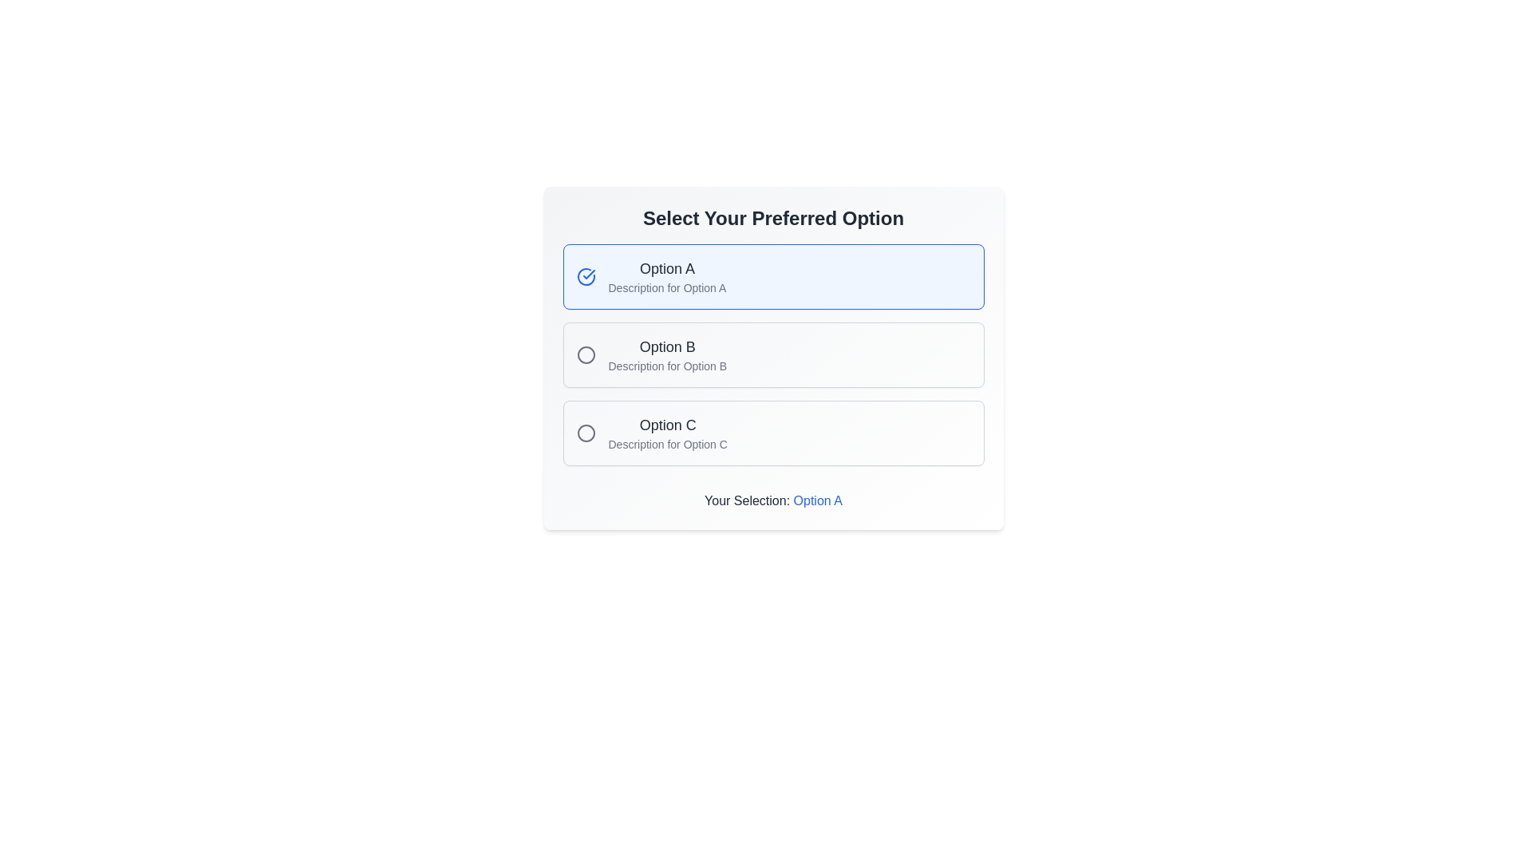 The width and height of the screenshot is (1532, 862). What do you see at coordinates (668, 433) in the screenshot?
I see `on the 'Option C' text label within its selectable card` at bounding box center [668, 433].